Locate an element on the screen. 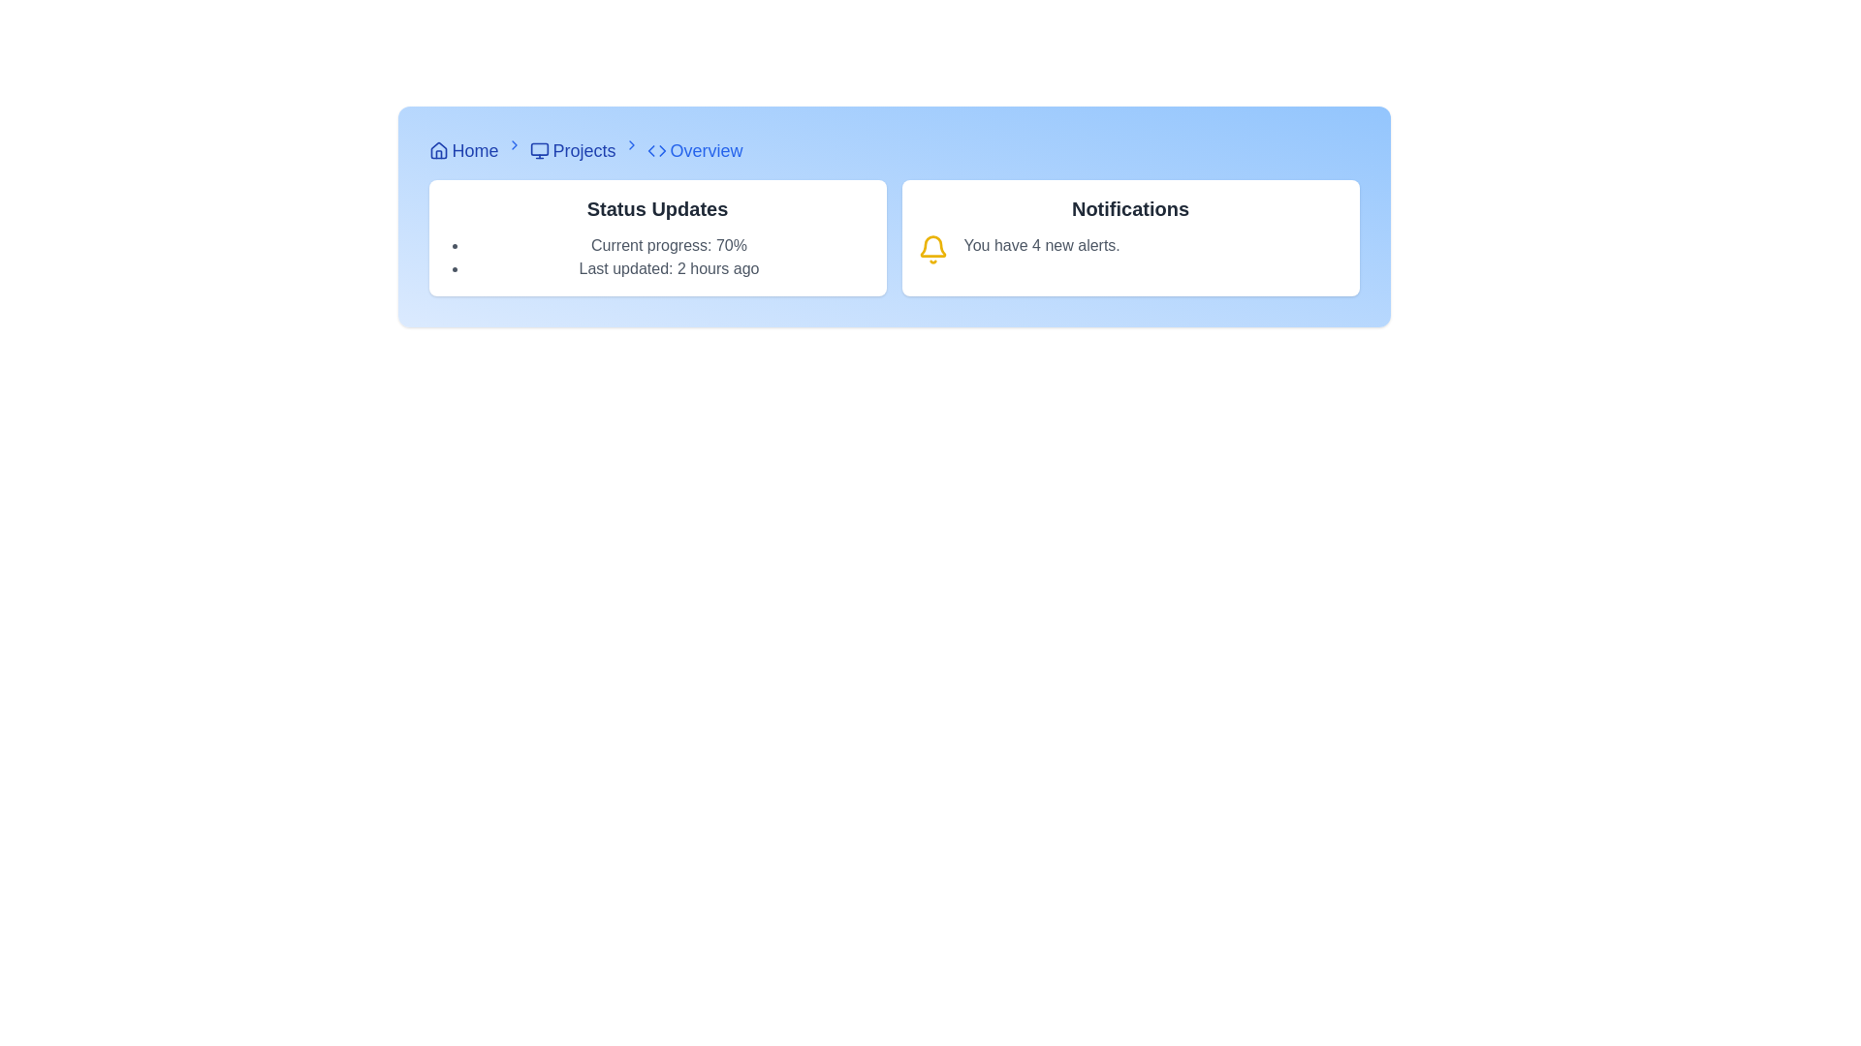 Image resolution: width=1861 pixels, height=1046 pixels. the third breadcrumb text link with accompanying icon, which indicates the current page or section the user is viewing, located to the right of the 'Projects' breadcrumb is located at coordinates (695, 149).